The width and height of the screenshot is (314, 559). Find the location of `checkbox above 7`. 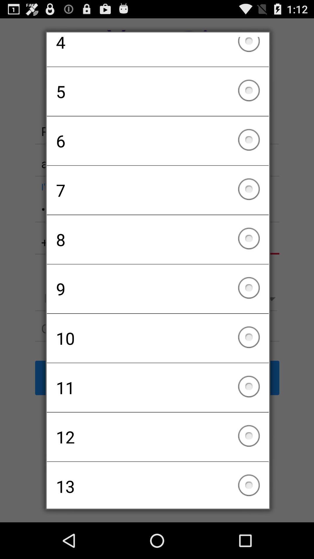

checkbox above 7 is located at coordinates (158, 141).